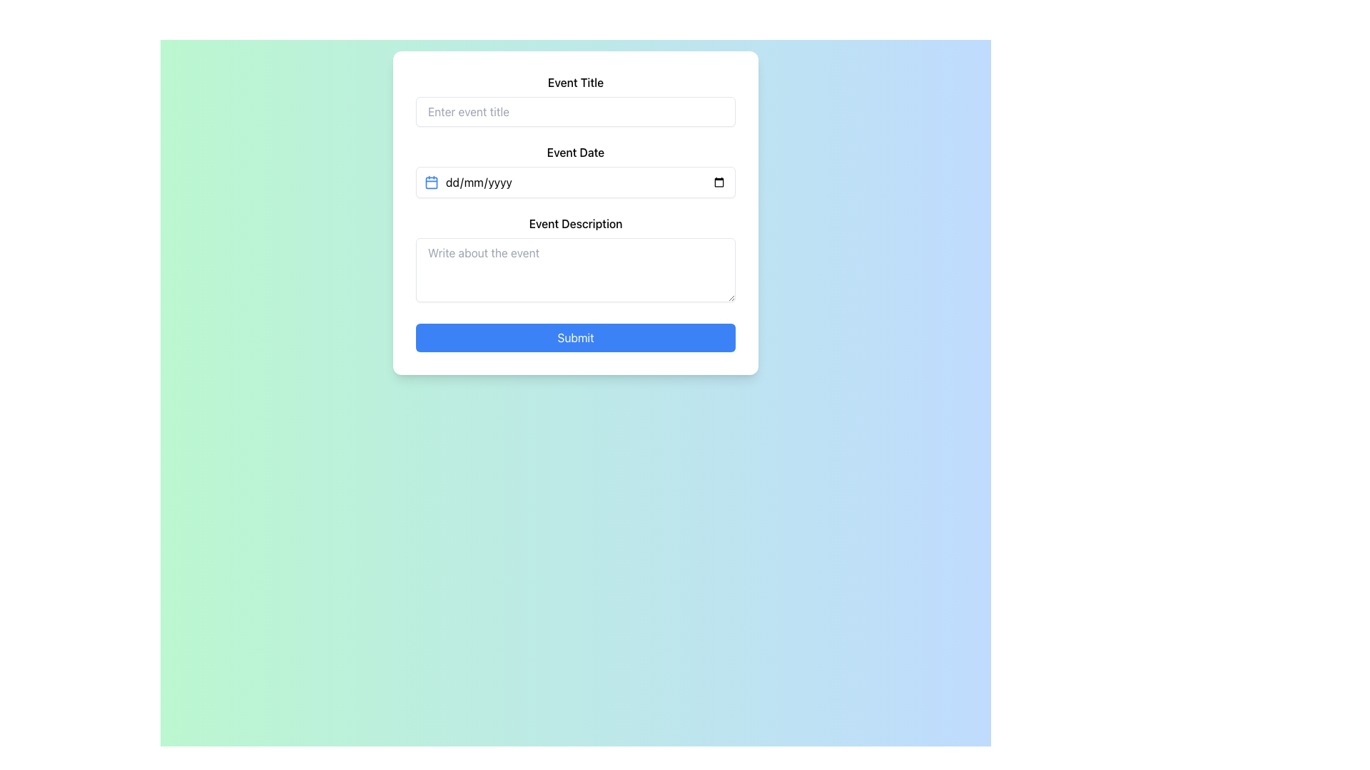  What do you see at coordinates (430, 181) in the screenshot?
I see `the visual calendar icon located to the left of the 'Event Date' input field, indicating that the adjacent field is for date input` at bounding box center [430, 181].